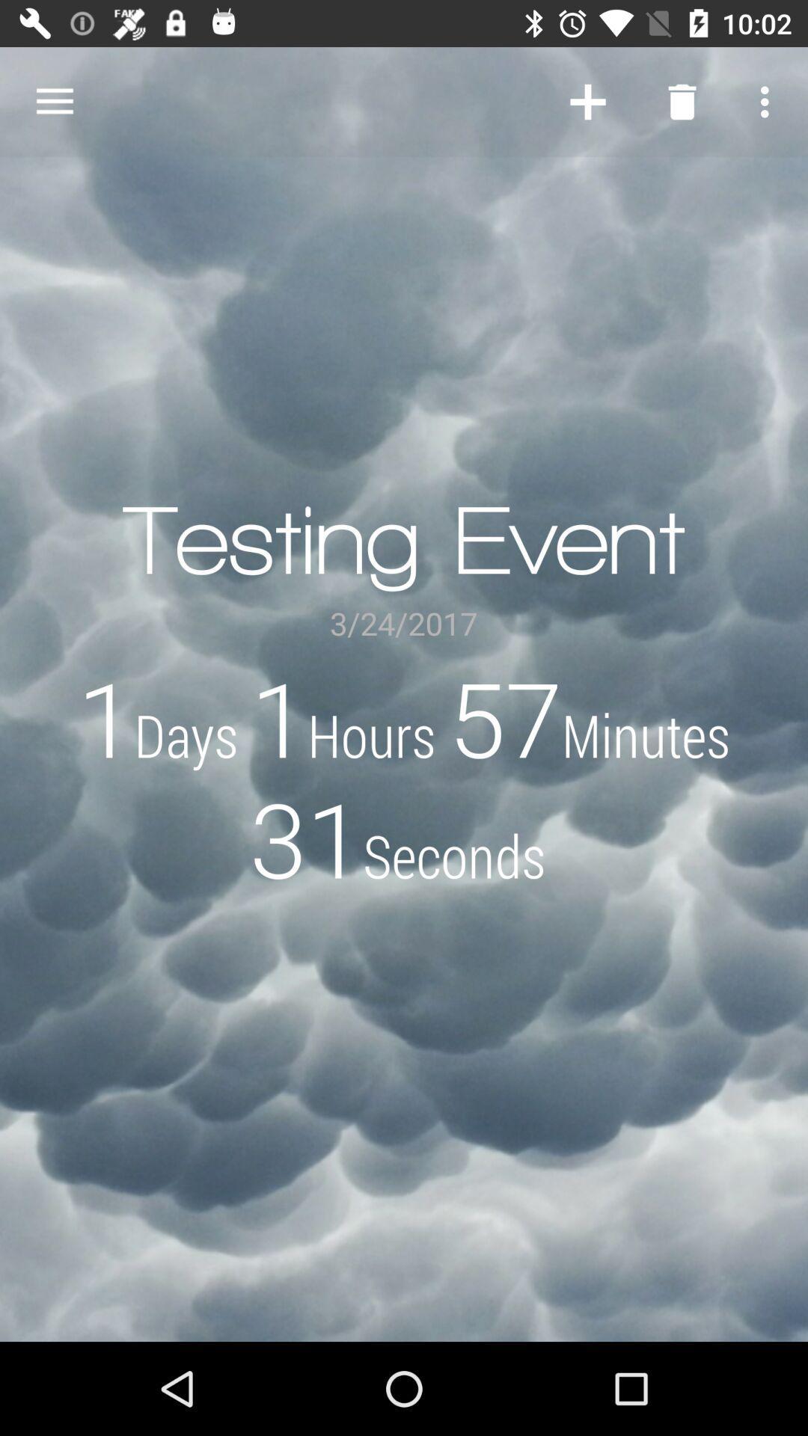 The width and height of the screenshot is (808, 1436). What do you see at coordinates (587, 101) in the screenshot?
I see `icon above the testing event` at bounding box center [587, 101].